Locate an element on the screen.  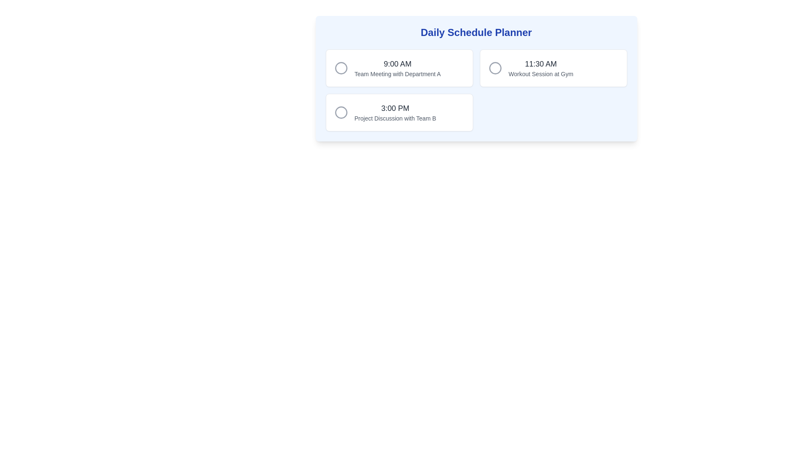
the time slot displaying '3:00 PM' and 'Project Discussion with Team B' to interact with it is located at coordinates (395, 112).